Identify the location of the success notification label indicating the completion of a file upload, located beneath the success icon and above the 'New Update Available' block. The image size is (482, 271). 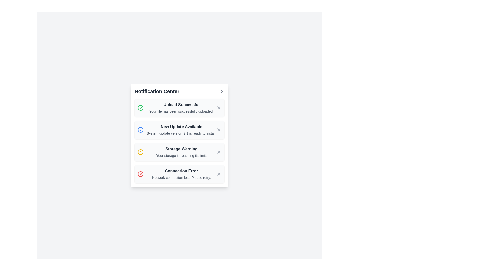
(181, 107).